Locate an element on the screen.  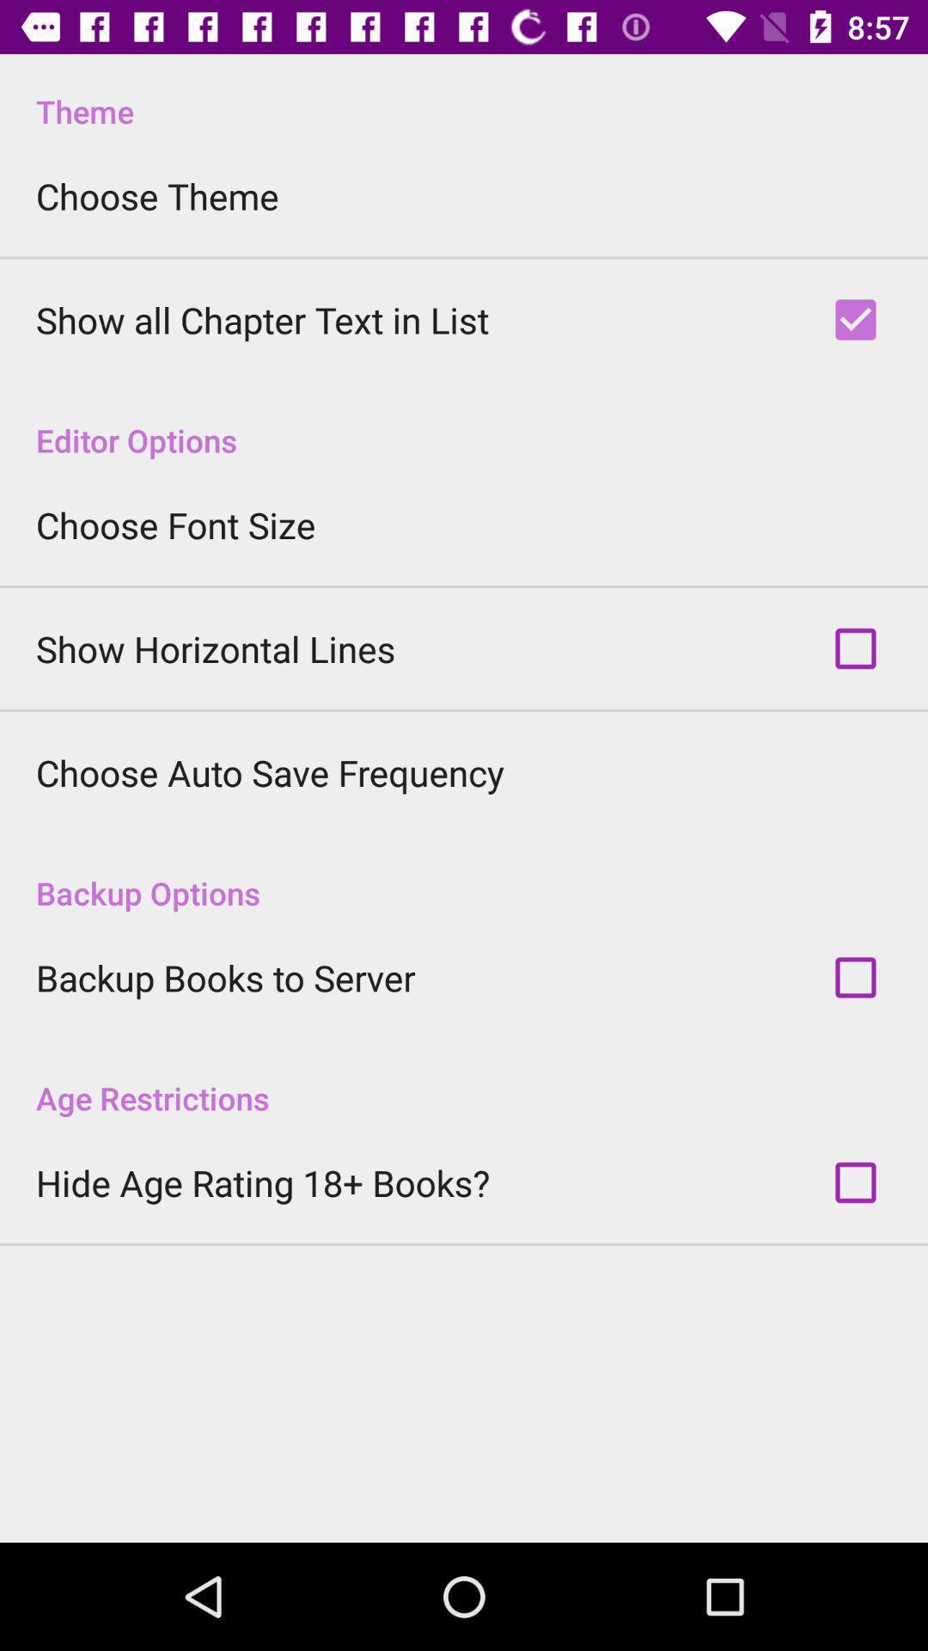
the app above age restrictions app is located at coordinates (224, 978).